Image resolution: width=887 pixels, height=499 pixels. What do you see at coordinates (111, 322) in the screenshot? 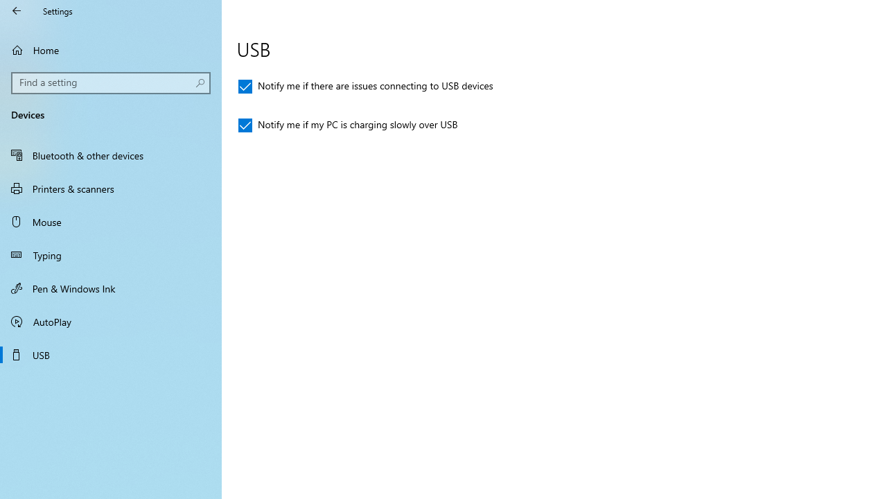
I see `'AutoPlay'` at bounding box center [111, 322].